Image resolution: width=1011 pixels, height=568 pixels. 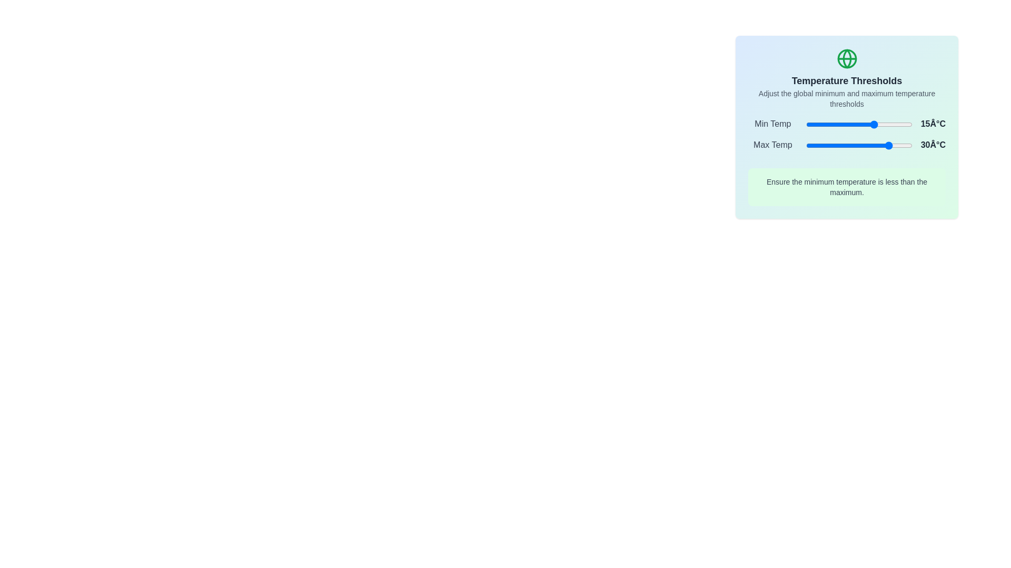 What do you see at coordinates (830, 124) in the screenshot?
I see `the minimum temperature slider to -27°C` at bounding box center [830, 124].